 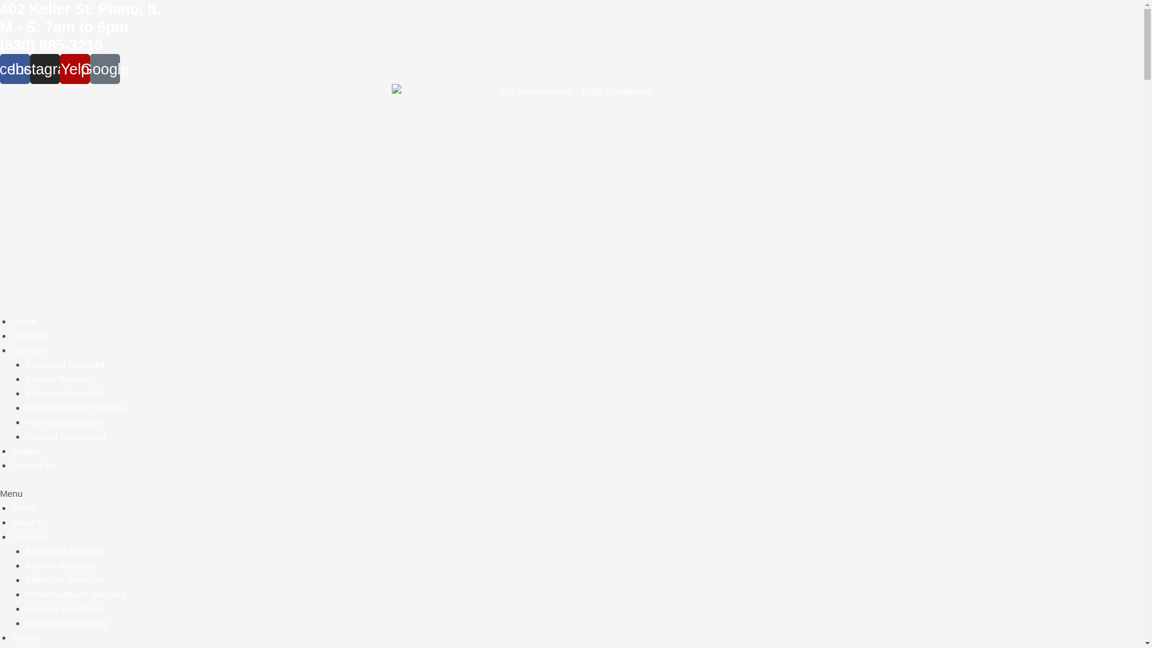 I want to click on 'Flooring Installation', so click(x=63, y=421).